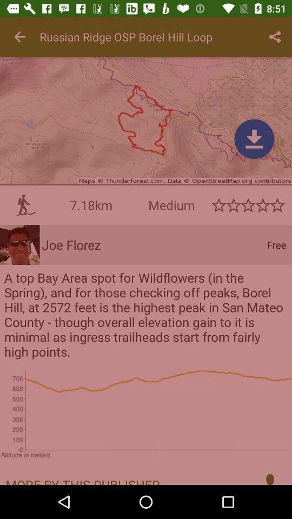 Image resolution: width=292 pixels, height=519 pixels. I want to click on download offline map, so click(254, 138).